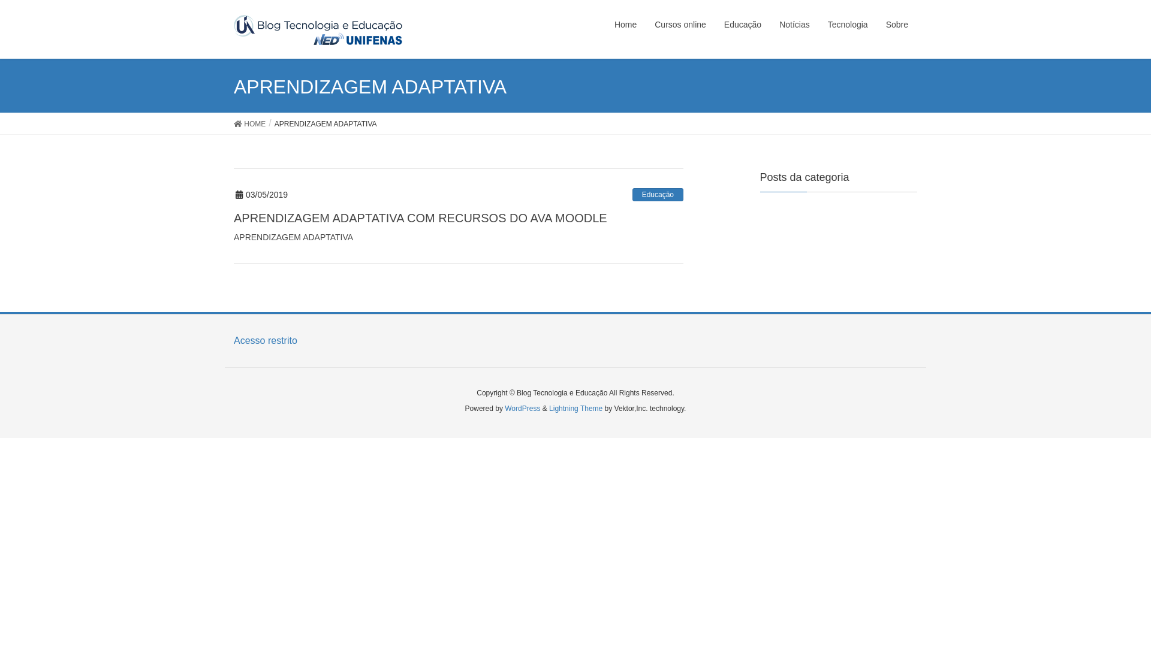 Image resolution: width=1151 pixels, height=647 pixels. What do you see at coordinates (575, 408) in the screenshot?
I see `'Lightning Theme'` at bounding box center [575, 408].